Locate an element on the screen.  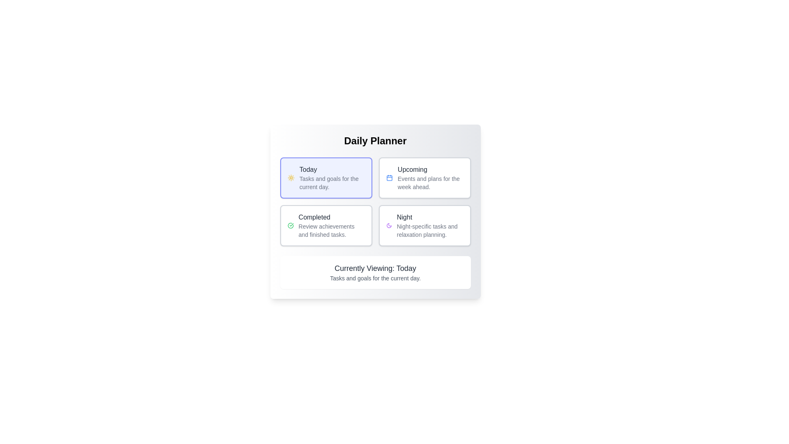
the text label that says 'Review achievements and finished tasks.', which is styled in gray and located under the bold header 'Completed' is located at coordinates (331, 230).